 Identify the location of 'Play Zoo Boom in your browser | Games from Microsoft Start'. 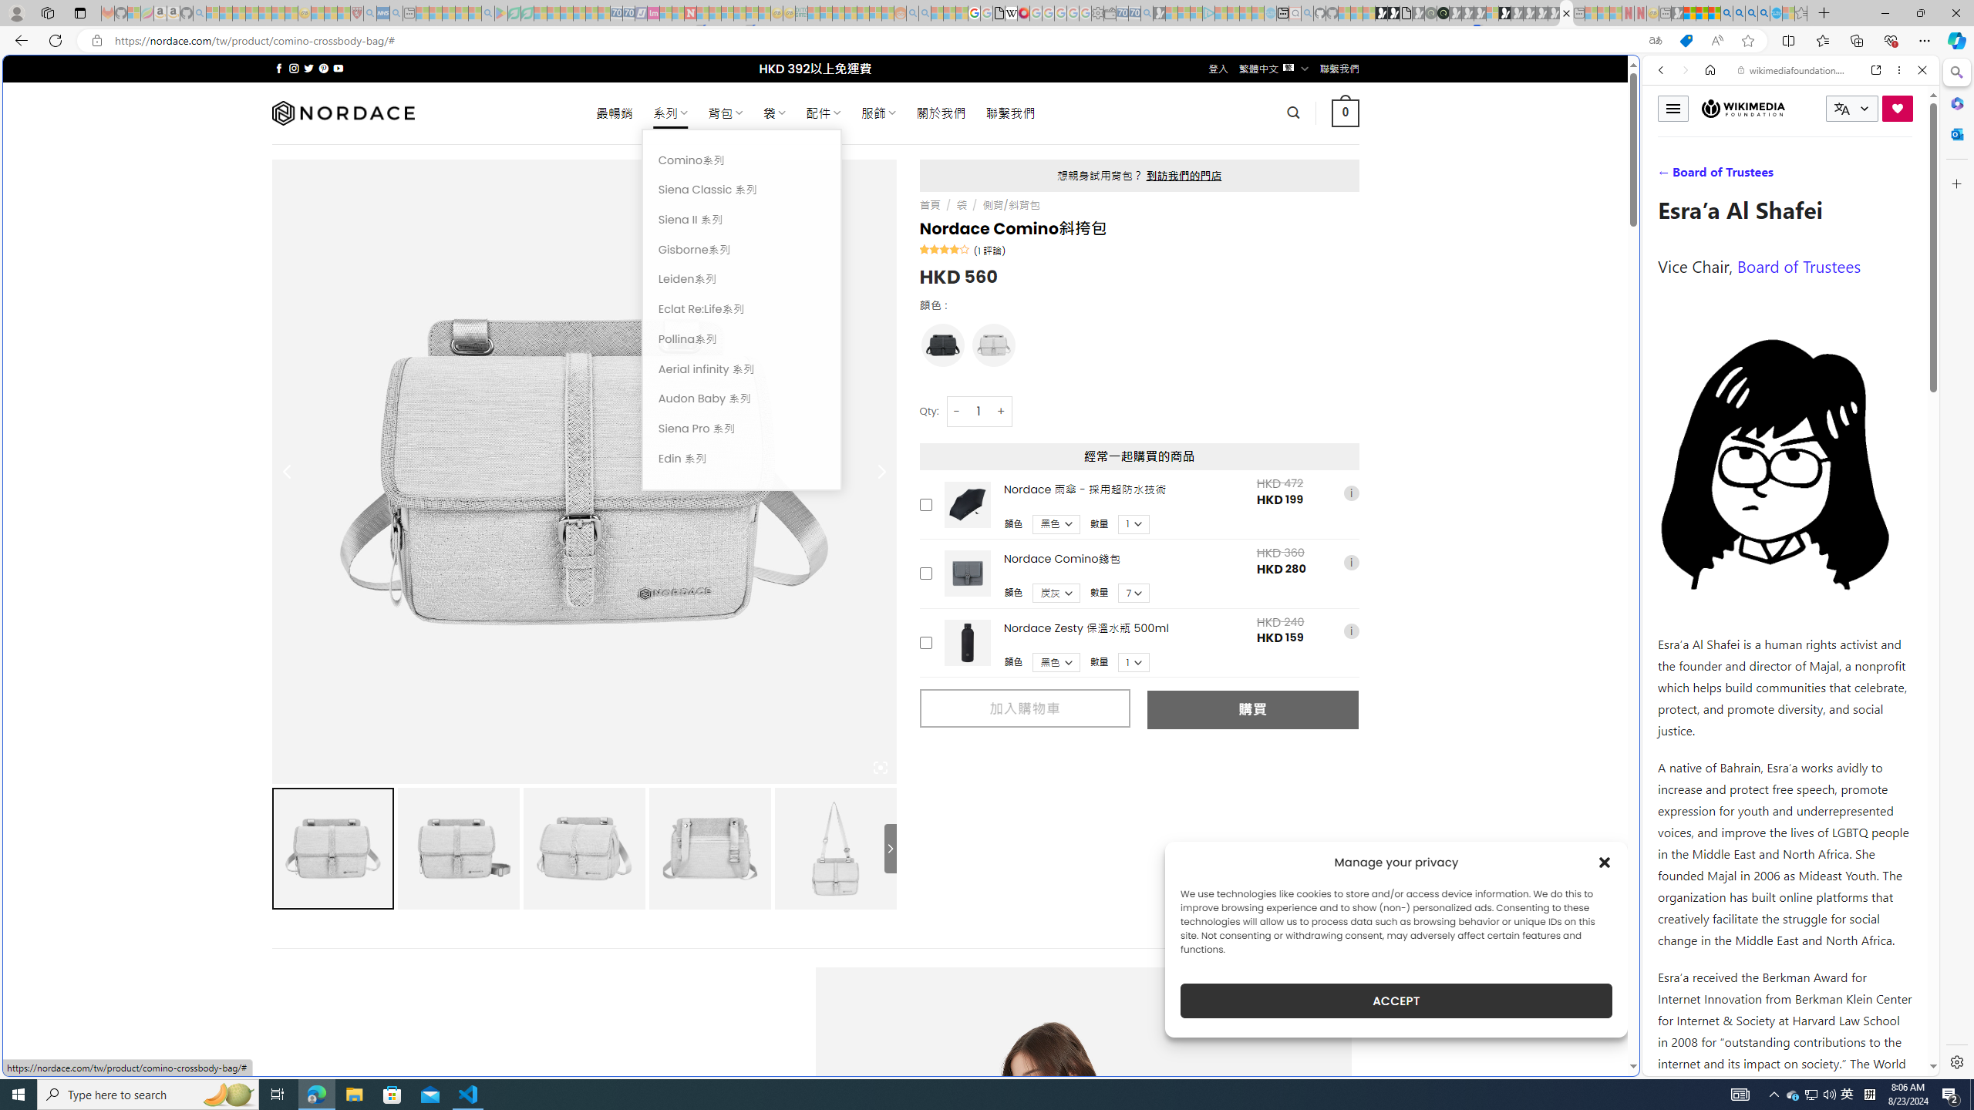
(1393, 12).